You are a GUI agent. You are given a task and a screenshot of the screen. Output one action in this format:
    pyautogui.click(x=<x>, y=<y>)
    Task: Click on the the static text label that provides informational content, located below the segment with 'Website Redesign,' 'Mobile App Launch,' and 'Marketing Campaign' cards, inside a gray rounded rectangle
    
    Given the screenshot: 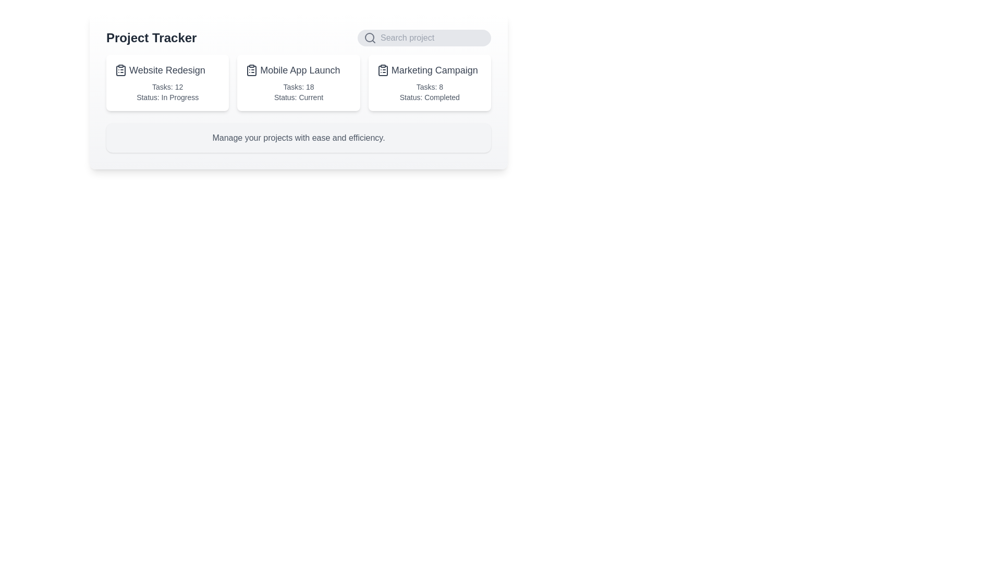 What is the action you would take?
    pyautogui.click(x=298, y=138)
    